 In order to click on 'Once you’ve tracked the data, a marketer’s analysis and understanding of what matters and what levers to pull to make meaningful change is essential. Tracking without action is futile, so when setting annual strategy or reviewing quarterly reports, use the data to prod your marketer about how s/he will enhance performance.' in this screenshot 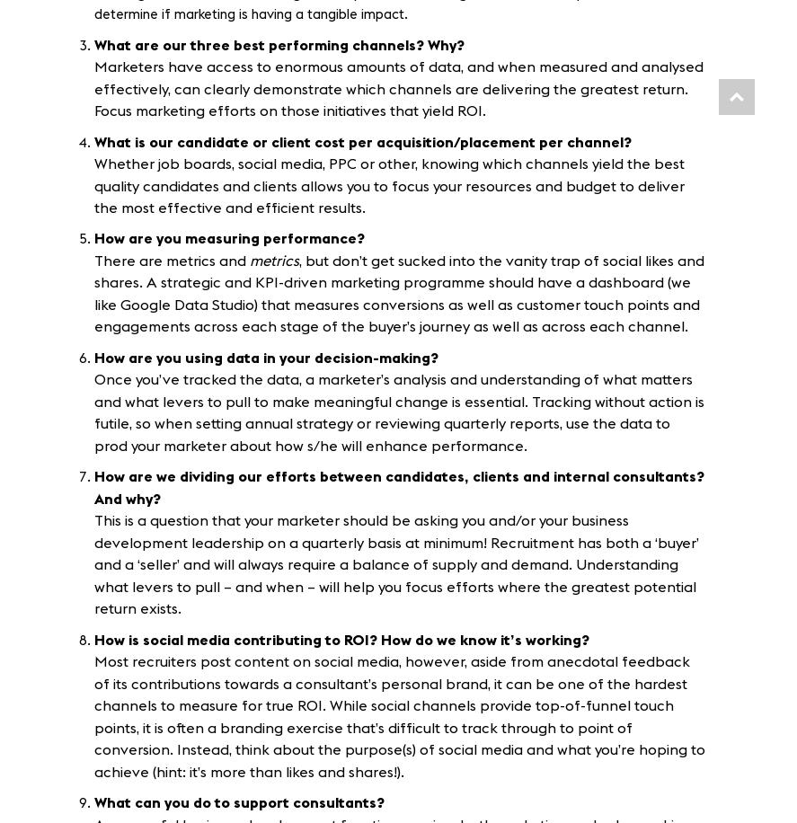, I will do `click(399, 412)`.